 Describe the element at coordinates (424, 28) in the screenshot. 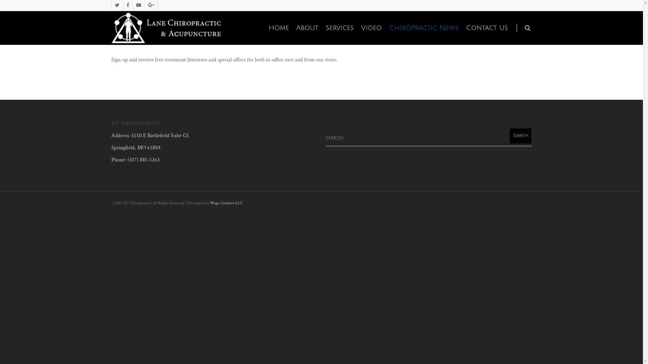

I see `'Chiropractic News'` at that location.